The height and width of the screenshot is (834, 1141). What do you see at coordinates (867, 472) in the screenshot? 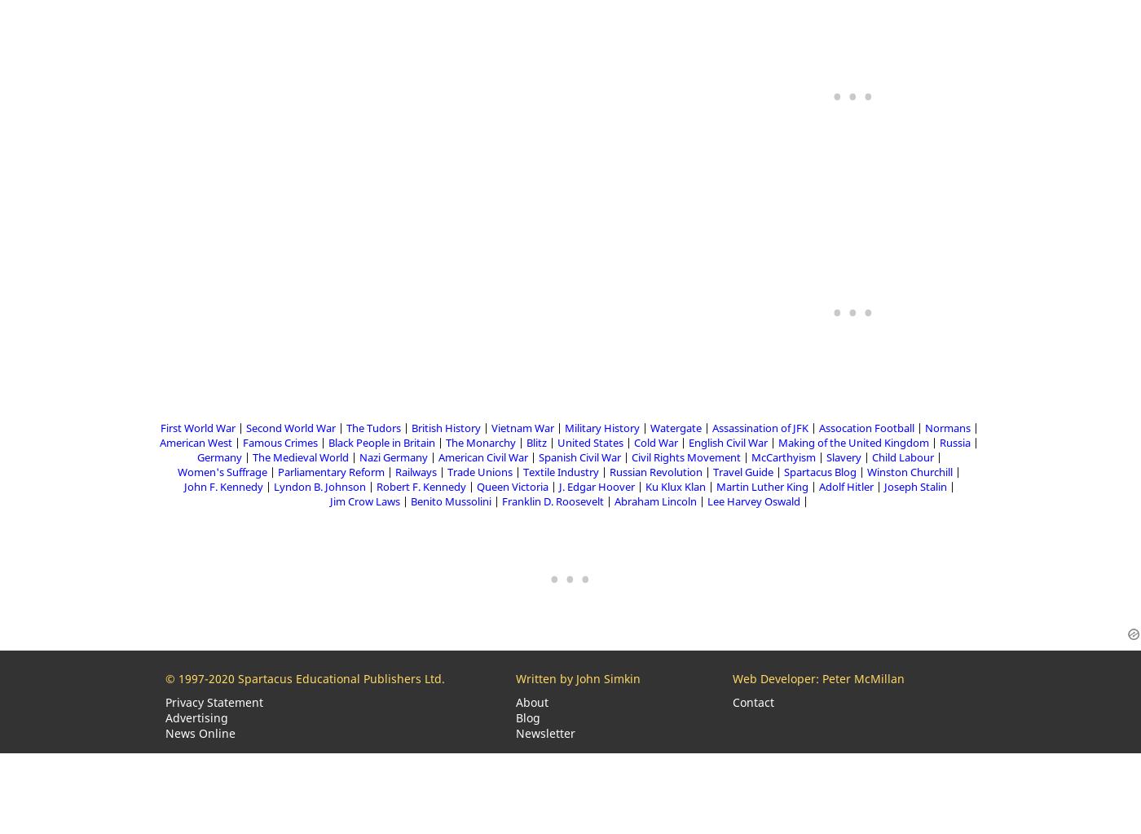
I see `'Winston Churchill'` at bounding box center [867, 472].